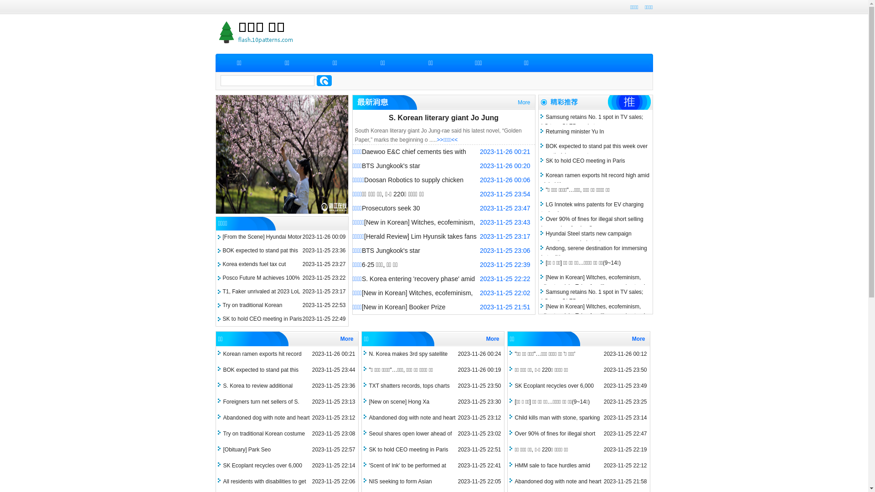  I want to click on 'More', so click(518, 102).